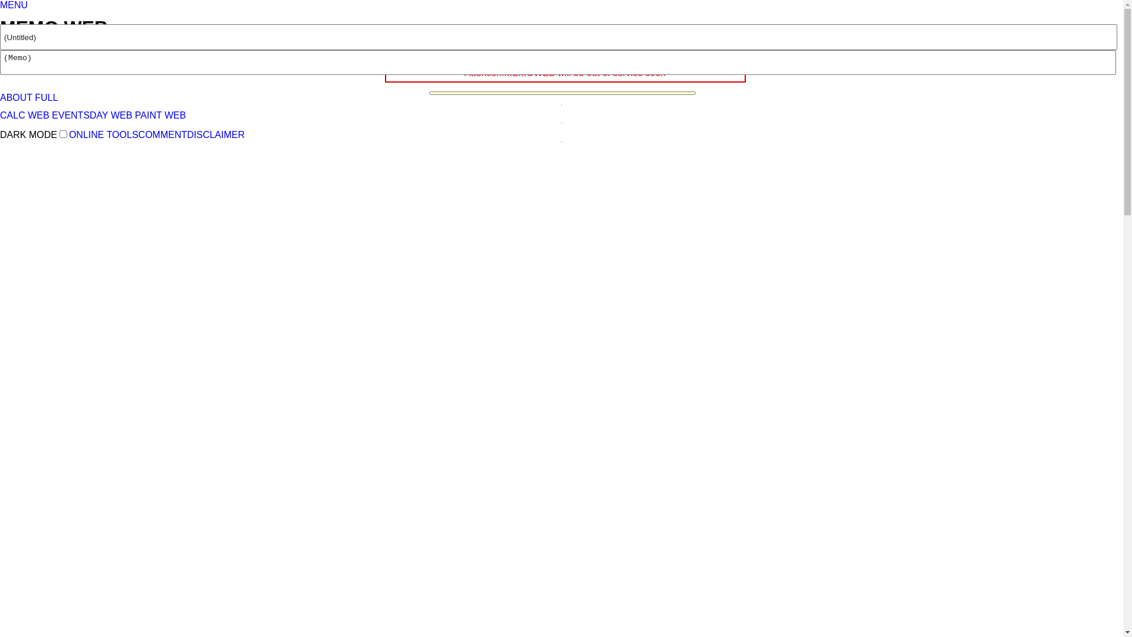 The image size is (1132, 637). Describe the element at coordinates (14, 5) in the screenshot. I see `'MENU'` at that location.